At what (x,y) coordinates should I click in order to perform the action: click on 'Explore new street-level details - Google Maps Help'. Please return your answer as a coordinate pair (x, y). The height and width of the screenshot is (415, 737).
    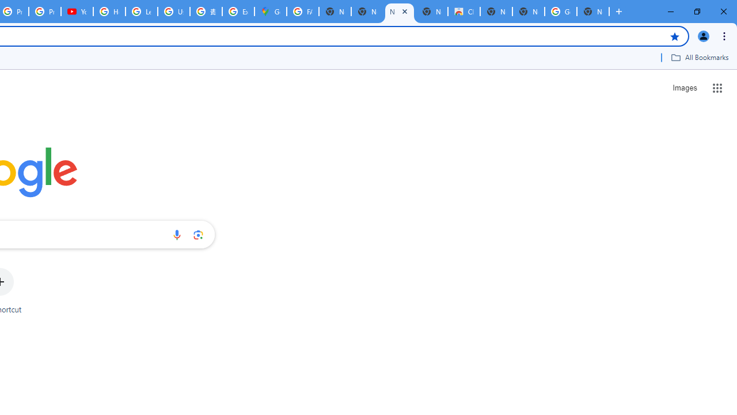
    Looking at the image, I should click on (238, 12).